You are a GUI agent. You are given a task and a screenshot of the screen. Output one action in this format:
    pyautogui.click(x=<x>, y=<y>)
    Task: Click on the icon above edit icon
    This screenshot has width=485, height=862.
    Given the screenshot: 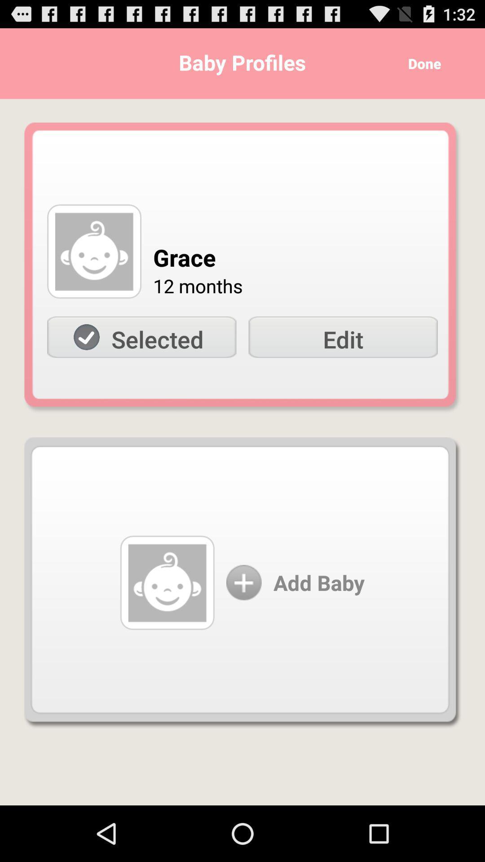 What is the action you would take?
    pyautogui.click(x=421, y=63)
    